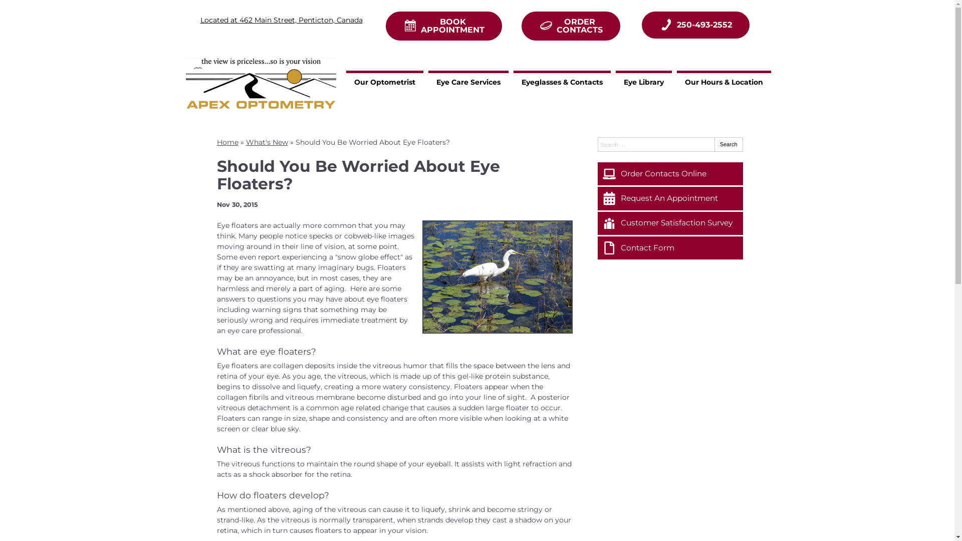 Image resolution: width=962 pixels, height=541 pixels. I want to click on 'What's New', so click(245, 142).